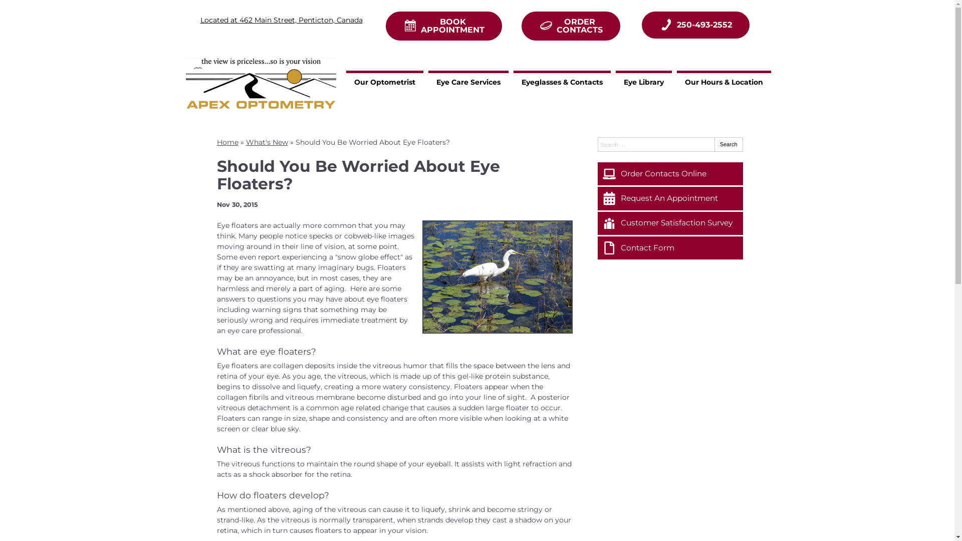 Image resolution: width=962 pixels, height=541 pixels. I want to click on 'What's New', so click(245, 142).